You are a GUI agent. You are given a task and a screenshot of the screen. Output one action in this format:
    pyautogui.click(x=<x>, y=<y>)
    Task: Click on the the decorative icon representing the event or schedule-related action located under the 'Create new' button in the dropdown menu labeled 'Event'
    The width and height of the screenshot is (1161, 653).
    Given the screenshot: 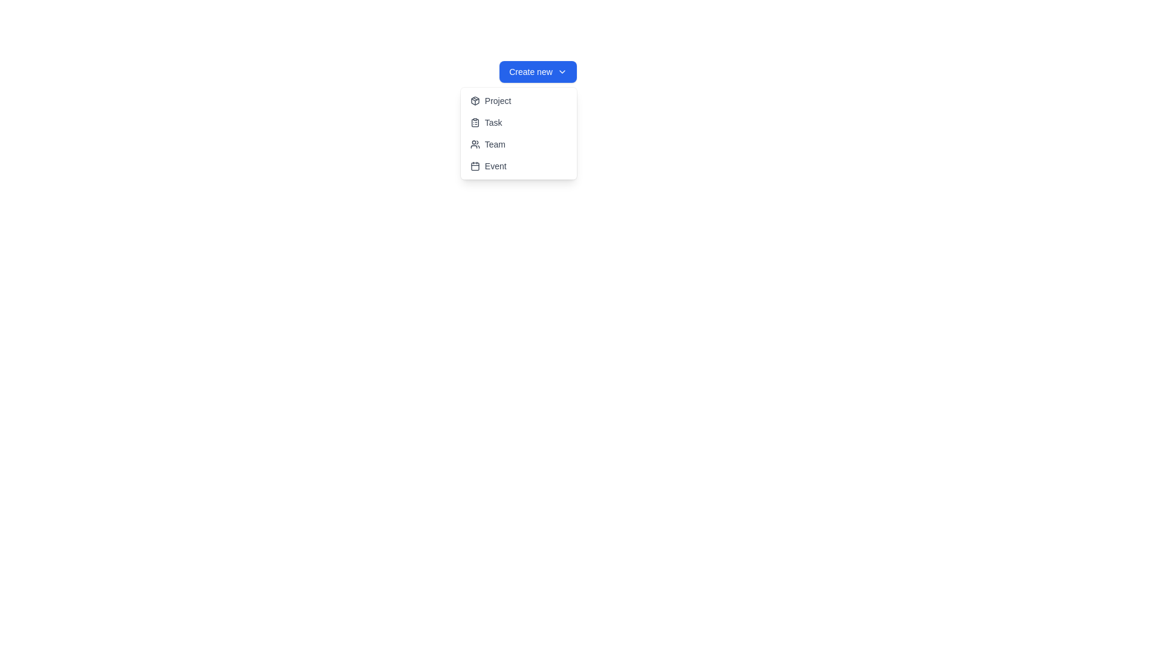 What is the action you would take?
    pyautogui.click(x=474, y=166)
    